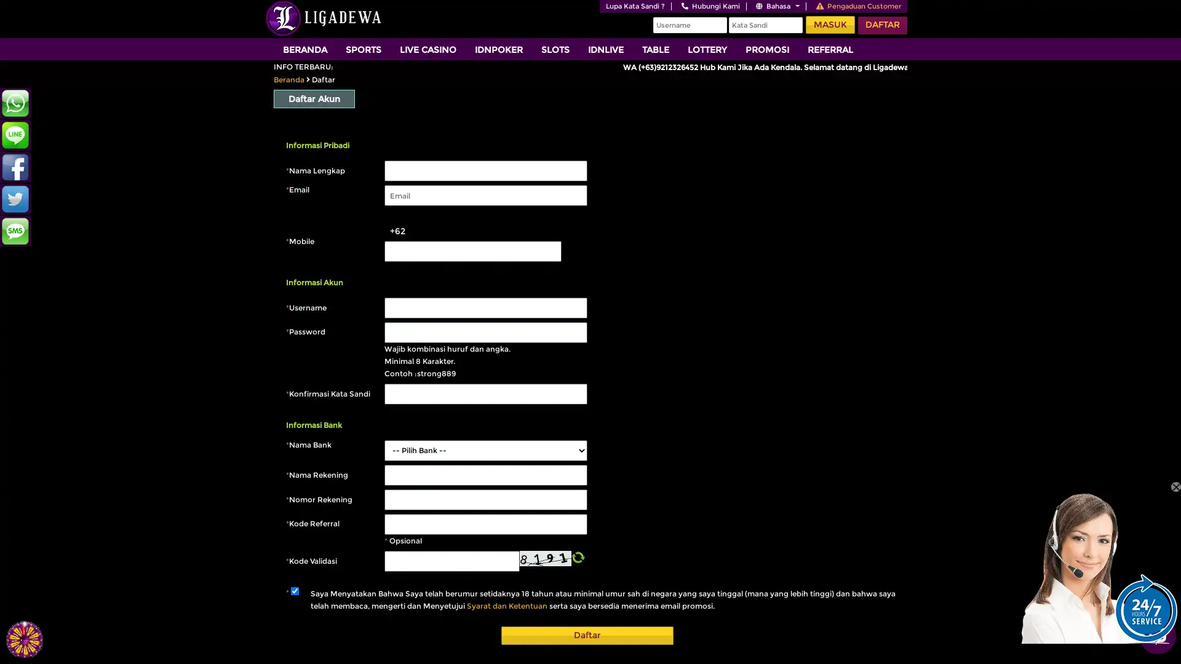 This screenshot has height=664, width=1181. What do you see at coordinates (830, 25) in the screenshot?
I see `Masuk` at bounding box center [830, 25].